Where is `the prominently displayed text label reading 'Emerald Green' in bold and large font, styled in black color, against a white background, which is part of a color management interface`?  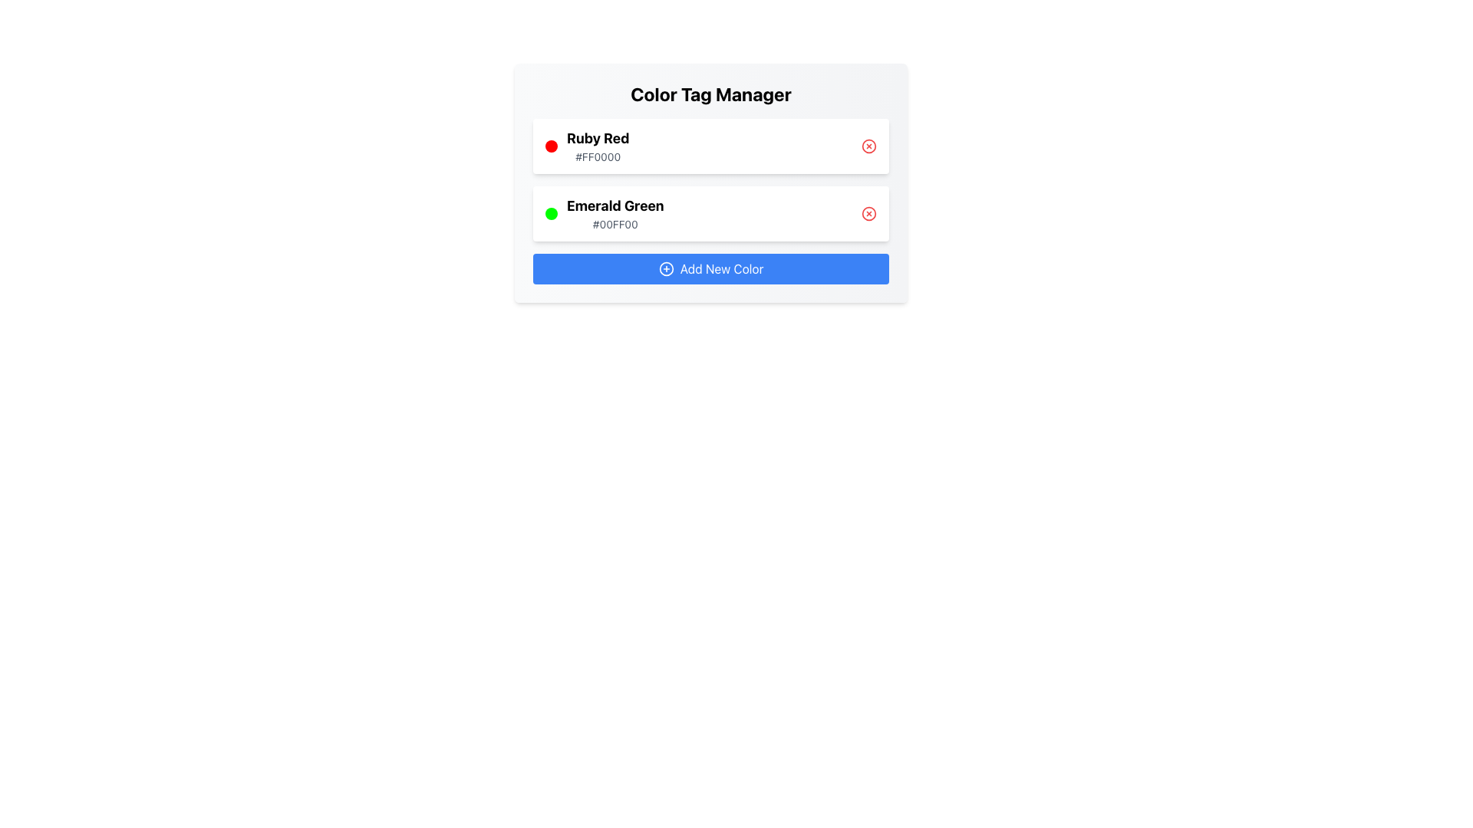
the prominently displayed text label reading 'Emerald Green' in bold and large font, styled in black color, against a white background, which is part of a color management interface is located at coordinates (615, 205).